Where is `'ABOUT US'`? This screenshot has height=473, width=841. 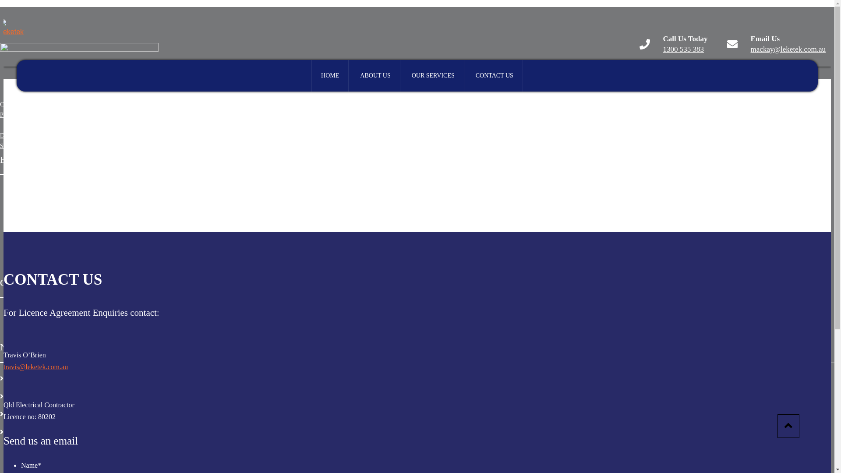 'ABOUT US' is located at coordinates (375, 75).